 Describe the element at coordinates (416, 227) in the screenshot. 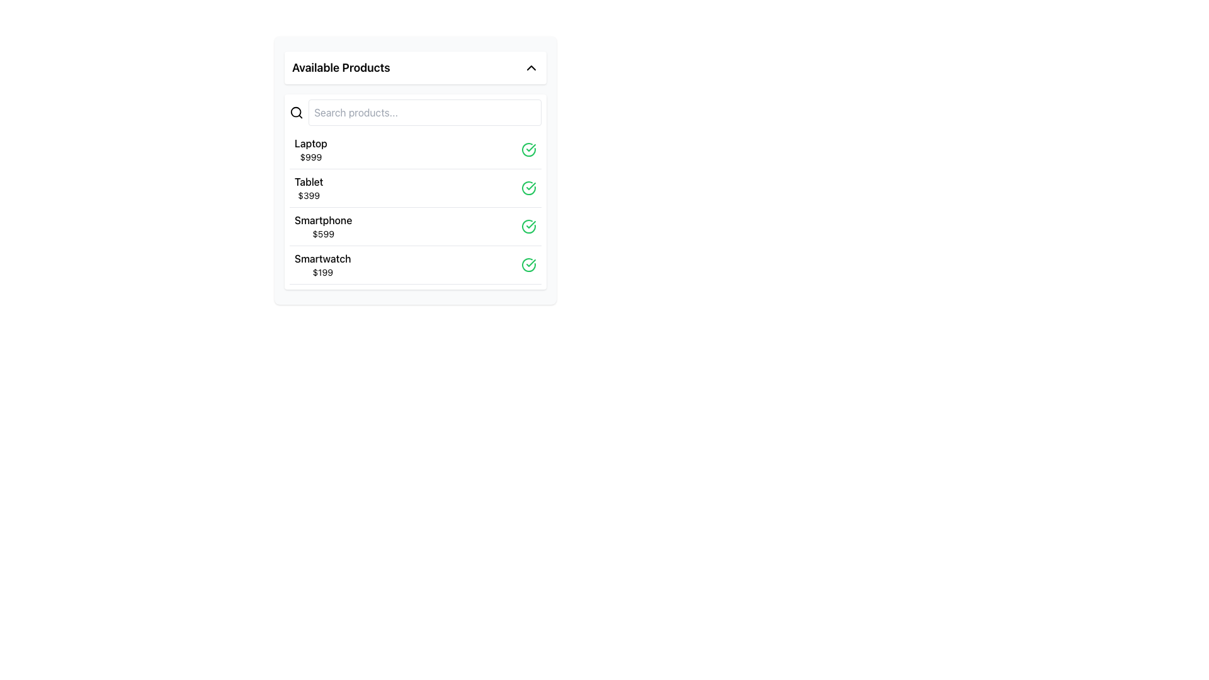

I see `the third item` at that location.